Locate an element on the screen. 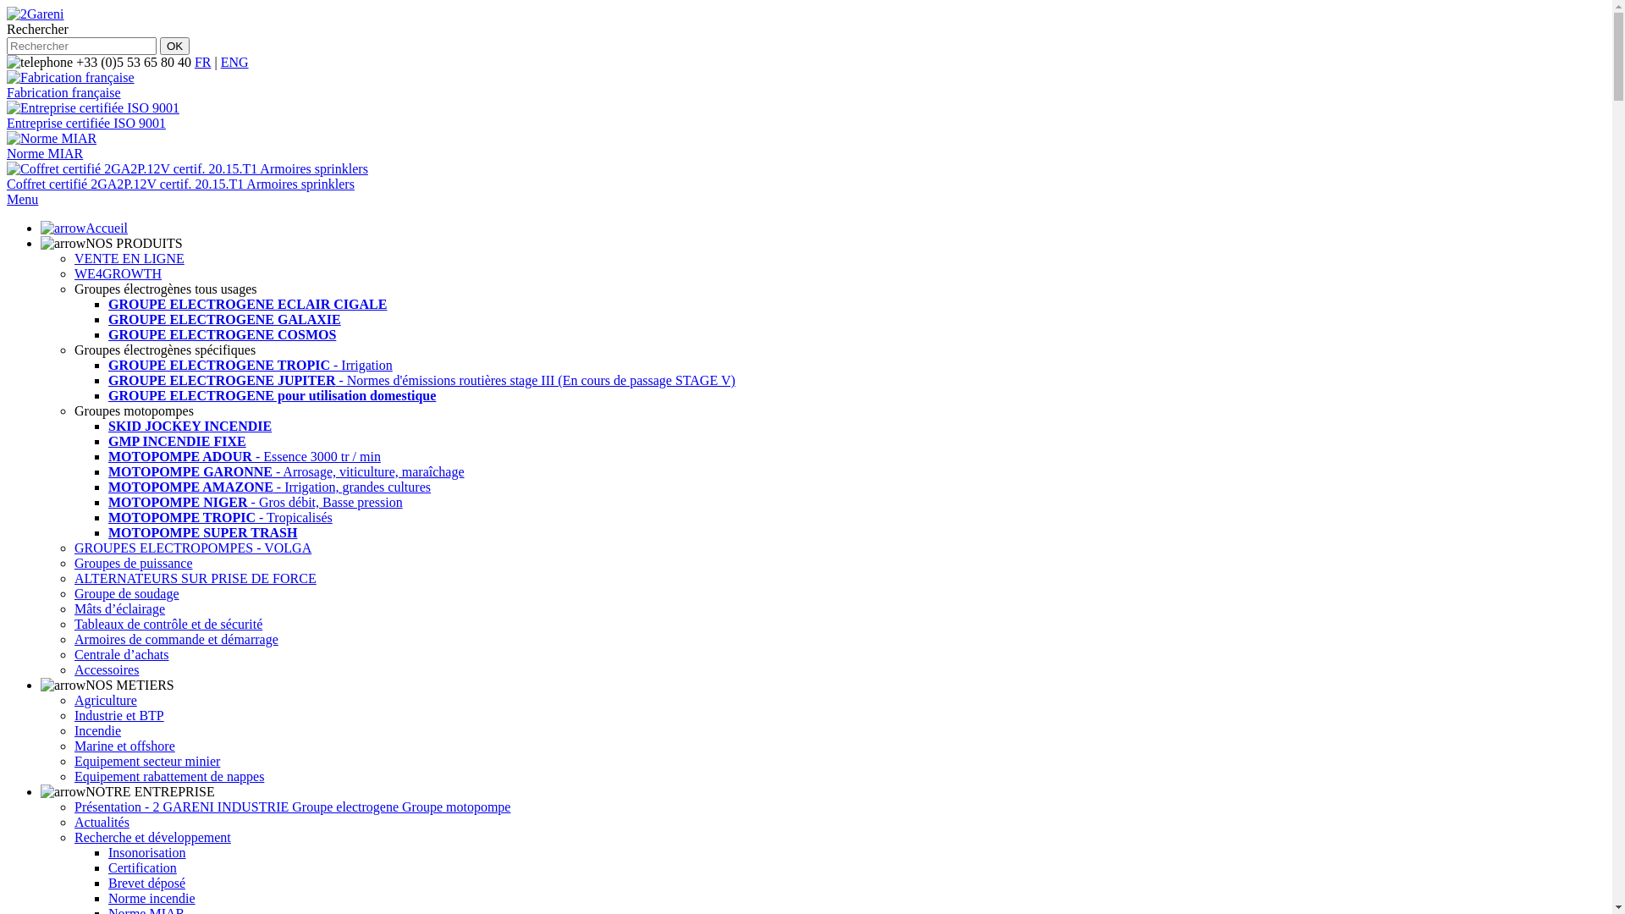  'OK' is located at coordinates (174, 45).